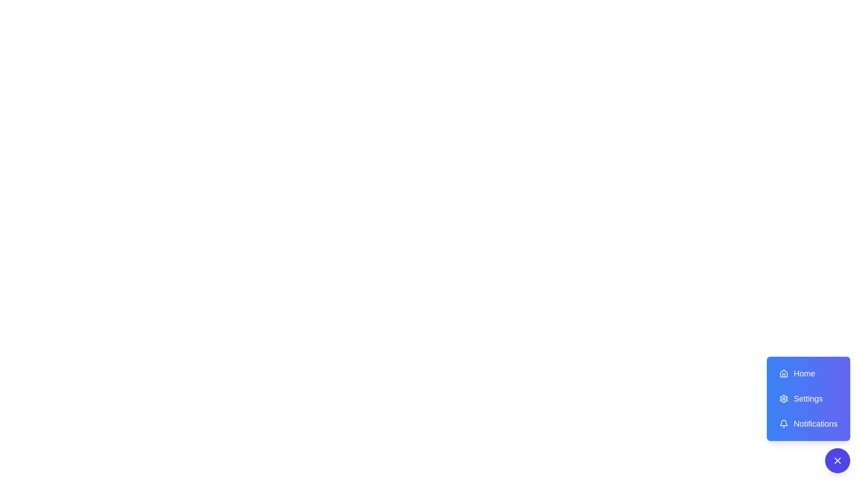 The width and height of the screenshot is (861, 484). Describe the element at coordinates (809, 373) in the screenshot. I see `the 'Home' button, which is a horizontal rectangular button with a gradient blue background, a white house icon, and the word 'Home' in white text, located in the bottom-right corner of the interface` at that location.